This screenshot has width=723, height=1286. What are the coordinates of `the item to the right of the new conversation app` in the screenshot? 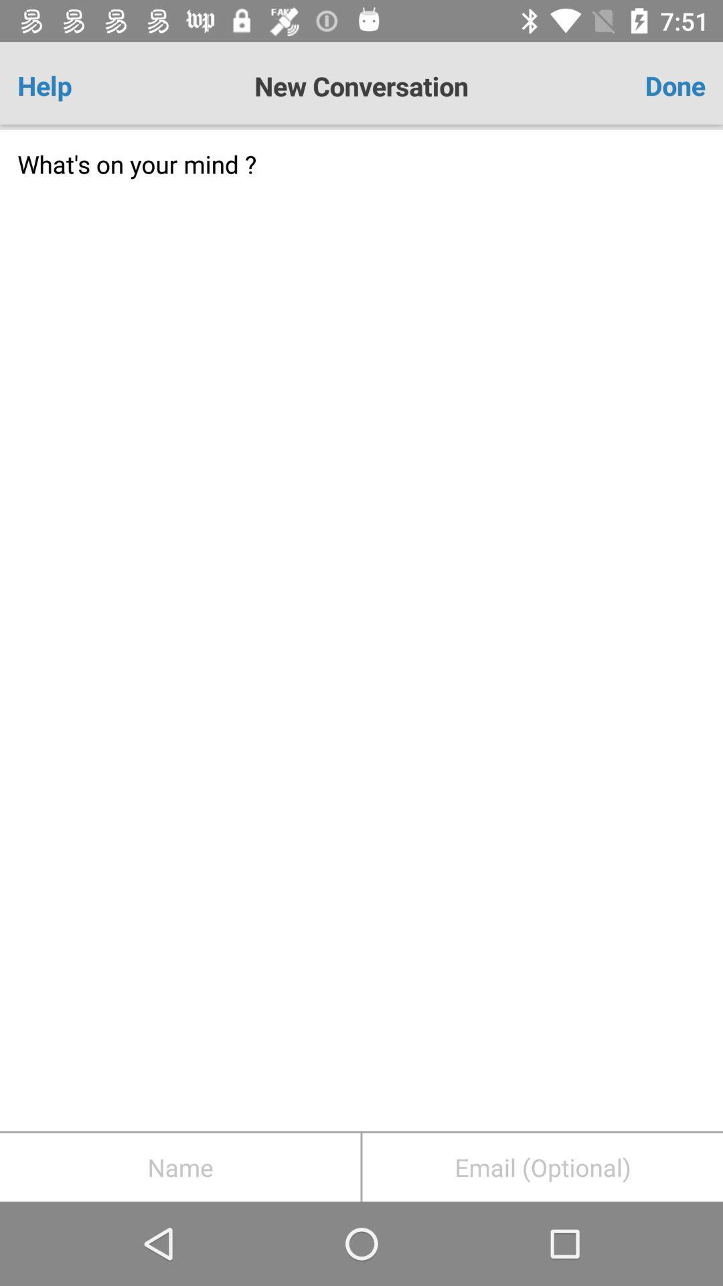 It's located at (648, 85).